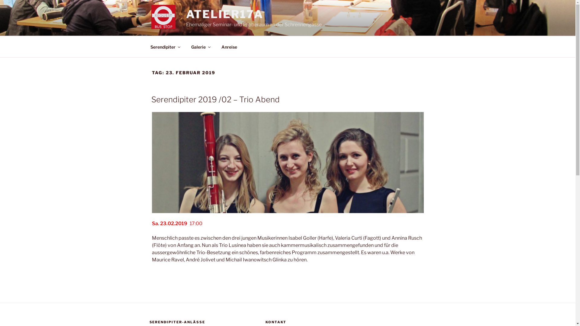  I want to click on 'Serendipiter', so click(165, 46).